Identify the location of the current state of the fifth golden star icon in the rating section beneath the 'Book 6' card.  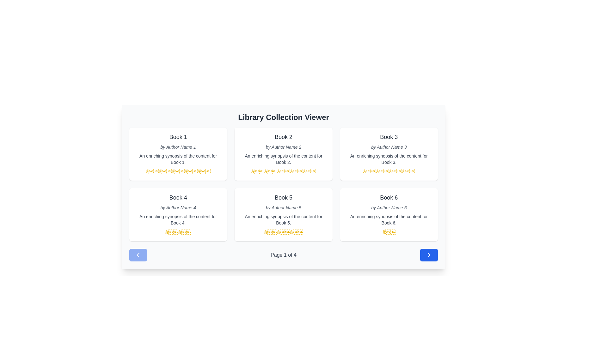
(389, 232).